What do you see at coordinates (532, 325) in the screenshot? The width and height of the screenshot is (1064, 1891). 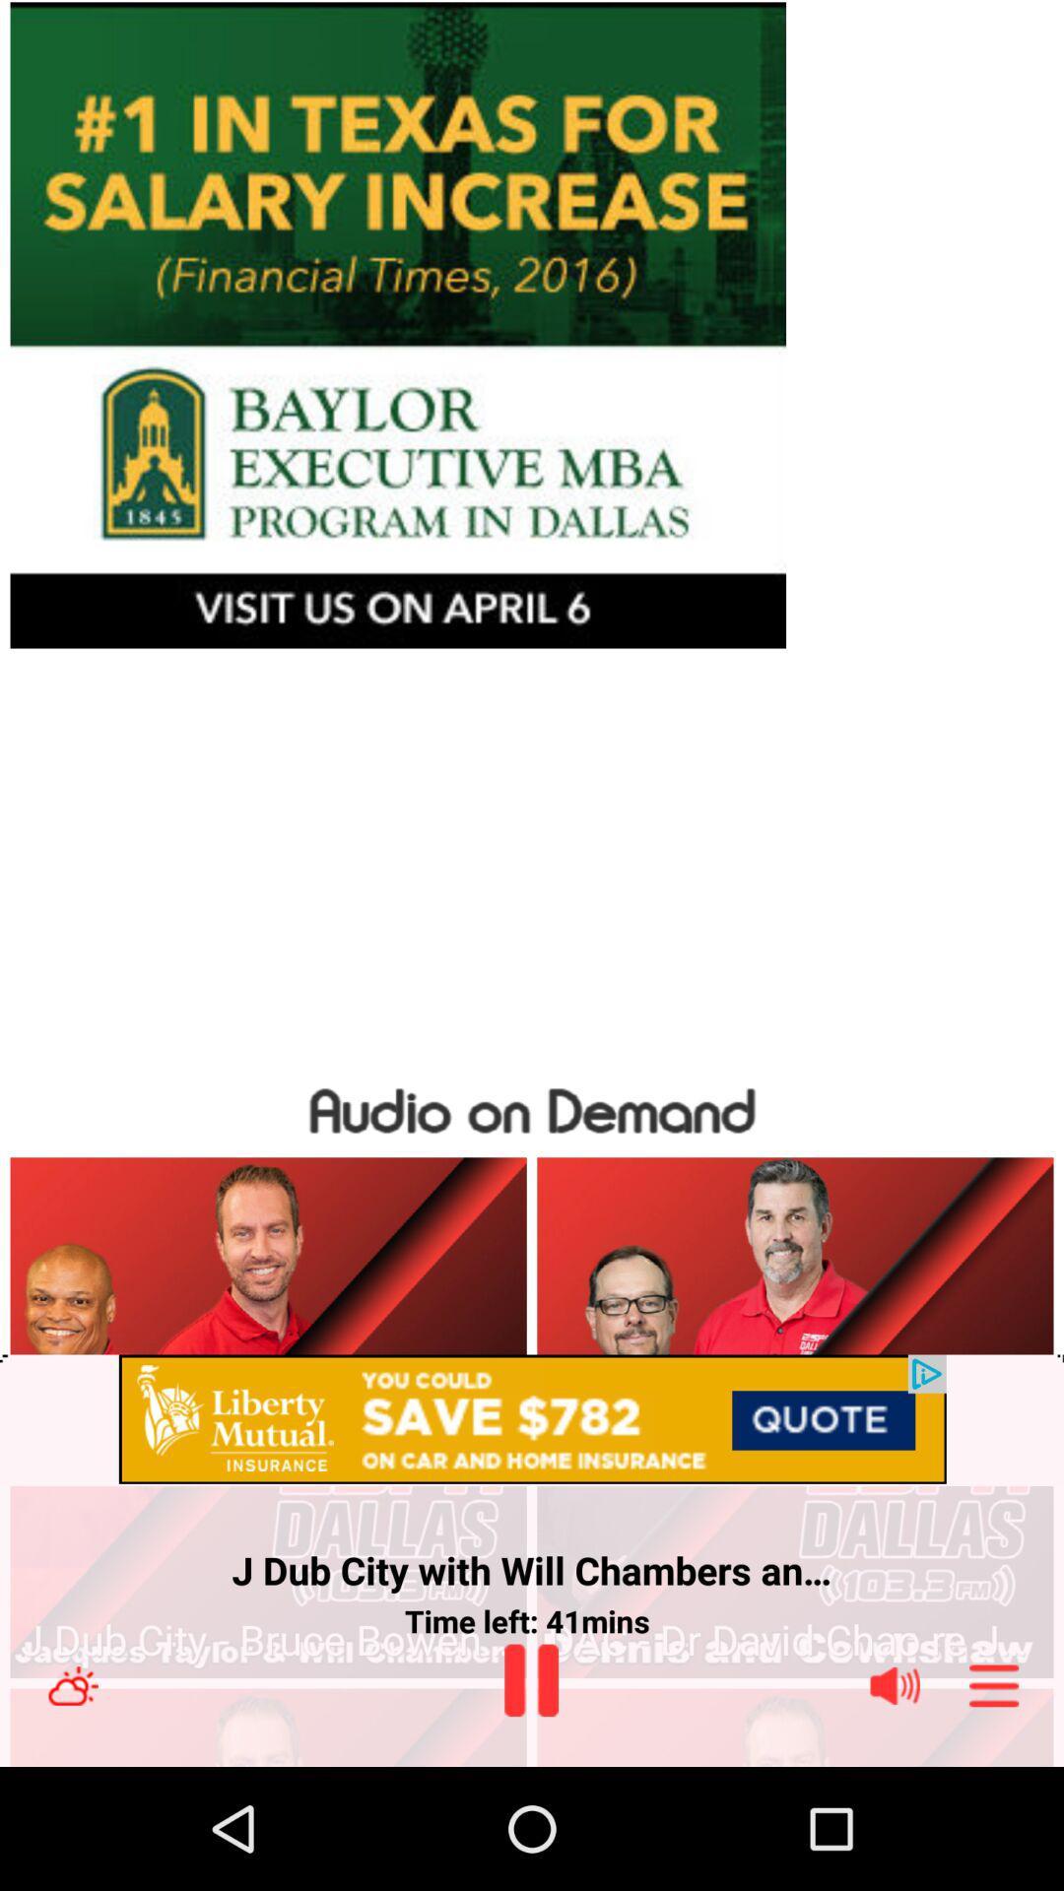 I see `advertisement` at bounding box center [532, 325].